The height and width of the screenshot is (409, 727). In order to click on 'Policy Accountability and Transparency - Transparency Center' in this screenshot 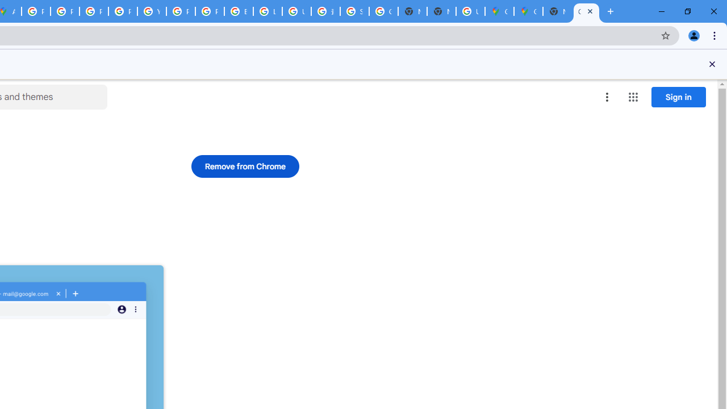, I will do `click(36, 11)`.